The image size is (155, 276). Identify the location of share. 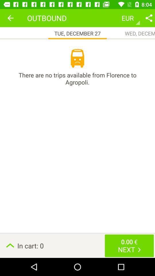
(149, 18).